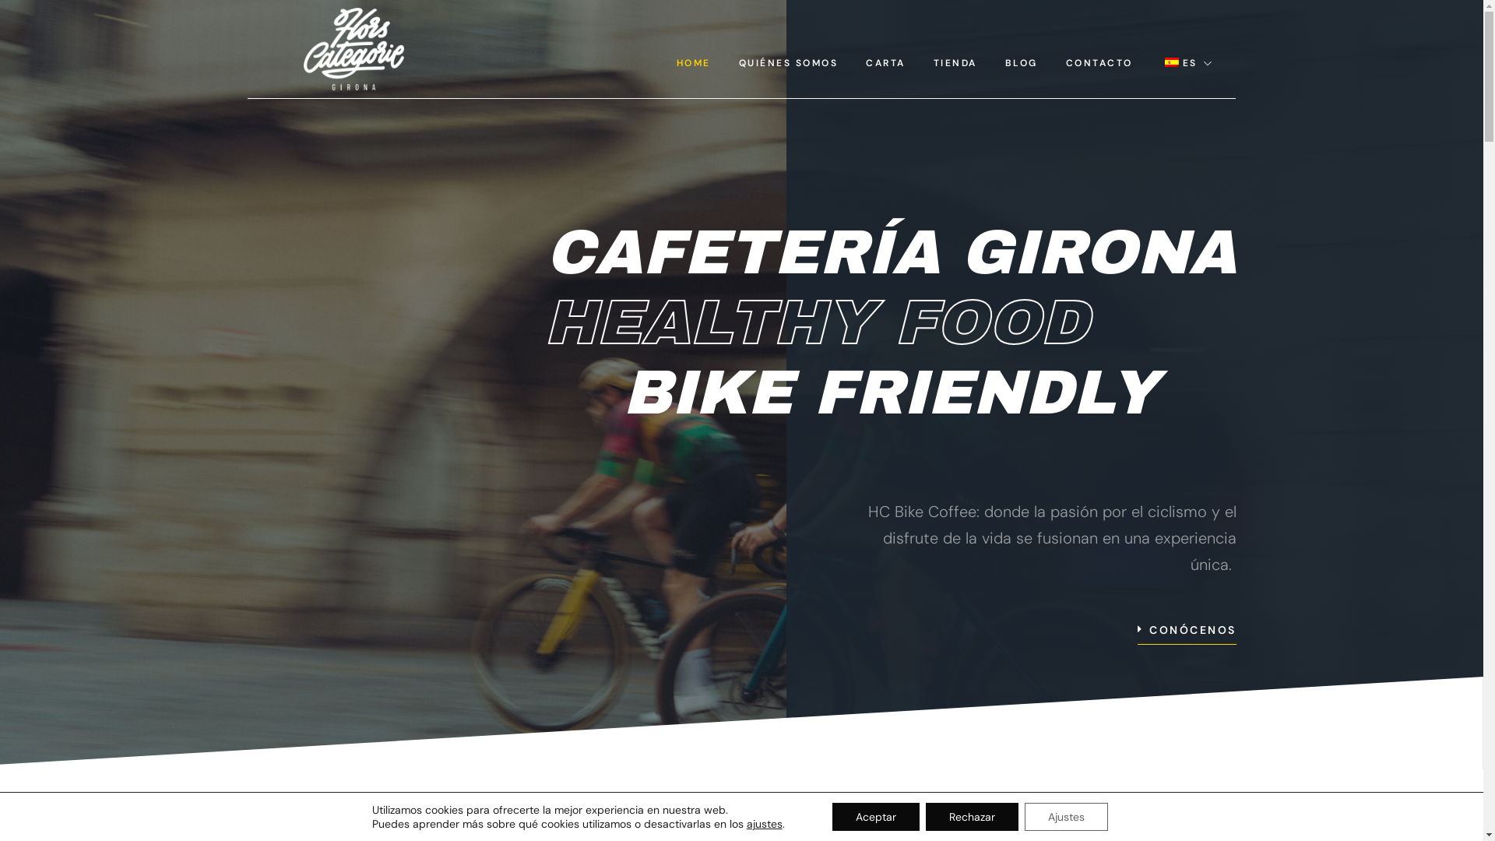  What do you see at coordinates (990, 62) in the screenshot?
I see `'BLOG'` at bounding box center [990, 62].